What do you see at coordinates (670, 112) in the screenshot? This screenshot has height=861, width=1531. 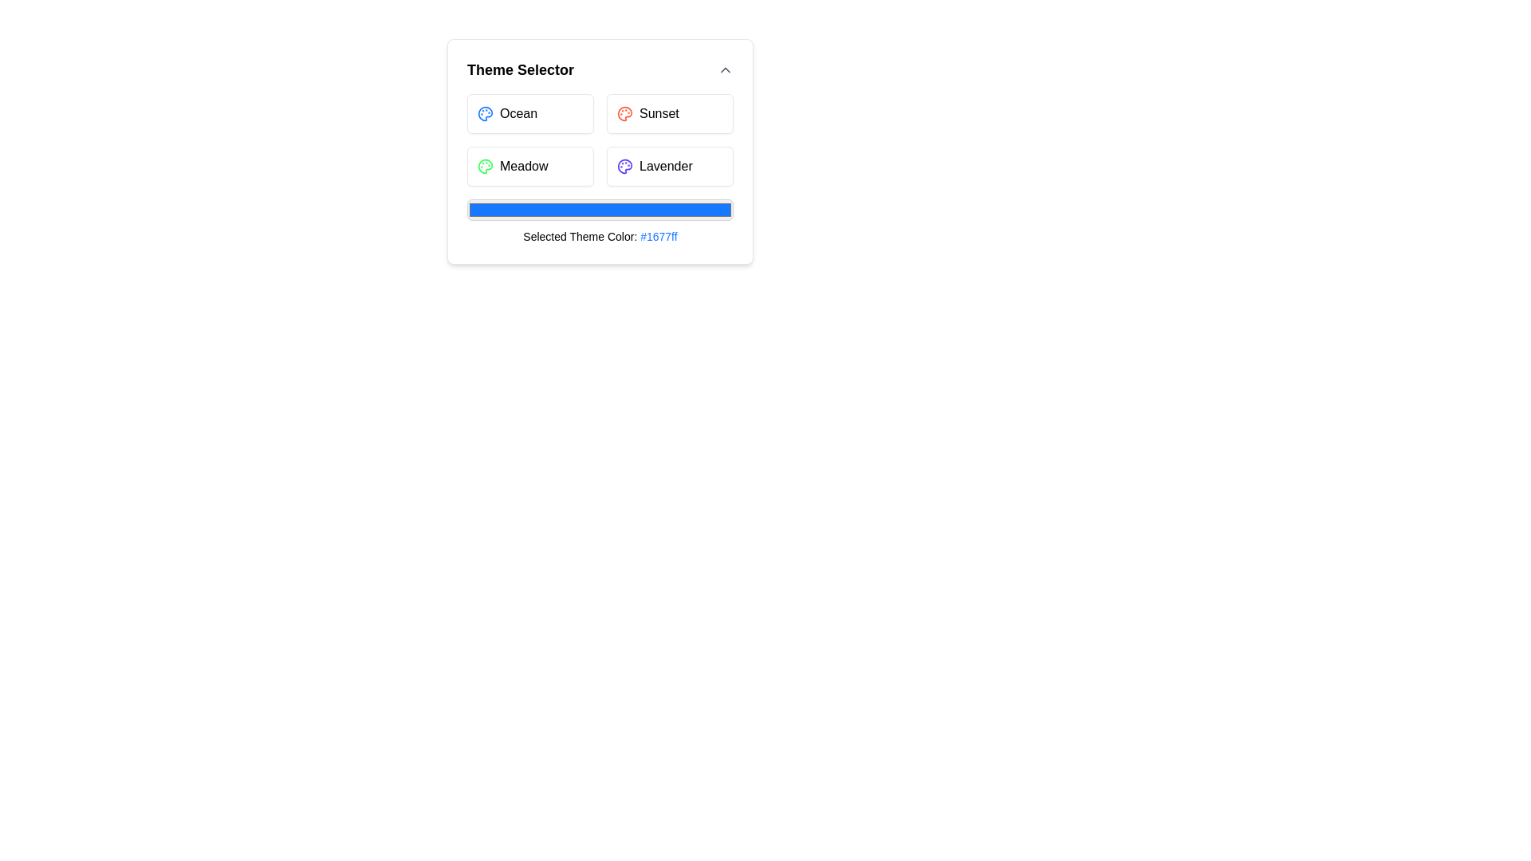 I see `the 'Sunset' selection button with a small palette icon` at bounding box center [670, 112].